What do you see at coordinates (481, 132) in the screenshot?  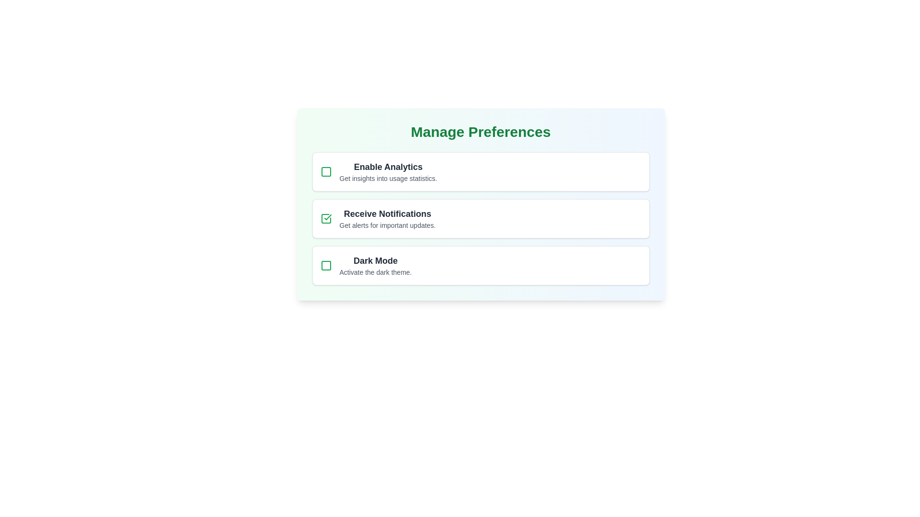 I see `the centered, bold, large-size text label displaying 'Manage Preferences' in green color, located at the upper part of a card-like section` at bounding box center [481, 132].